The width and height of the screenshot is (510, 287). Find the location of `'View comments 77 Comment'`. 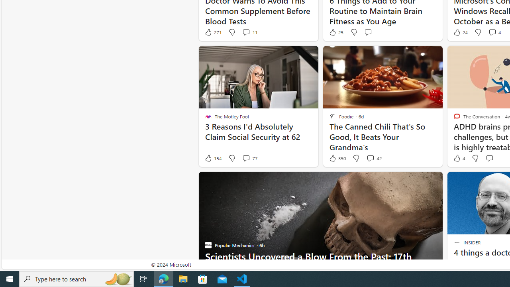

'View comments 77 Comment' is located at coordinates (245, 158).